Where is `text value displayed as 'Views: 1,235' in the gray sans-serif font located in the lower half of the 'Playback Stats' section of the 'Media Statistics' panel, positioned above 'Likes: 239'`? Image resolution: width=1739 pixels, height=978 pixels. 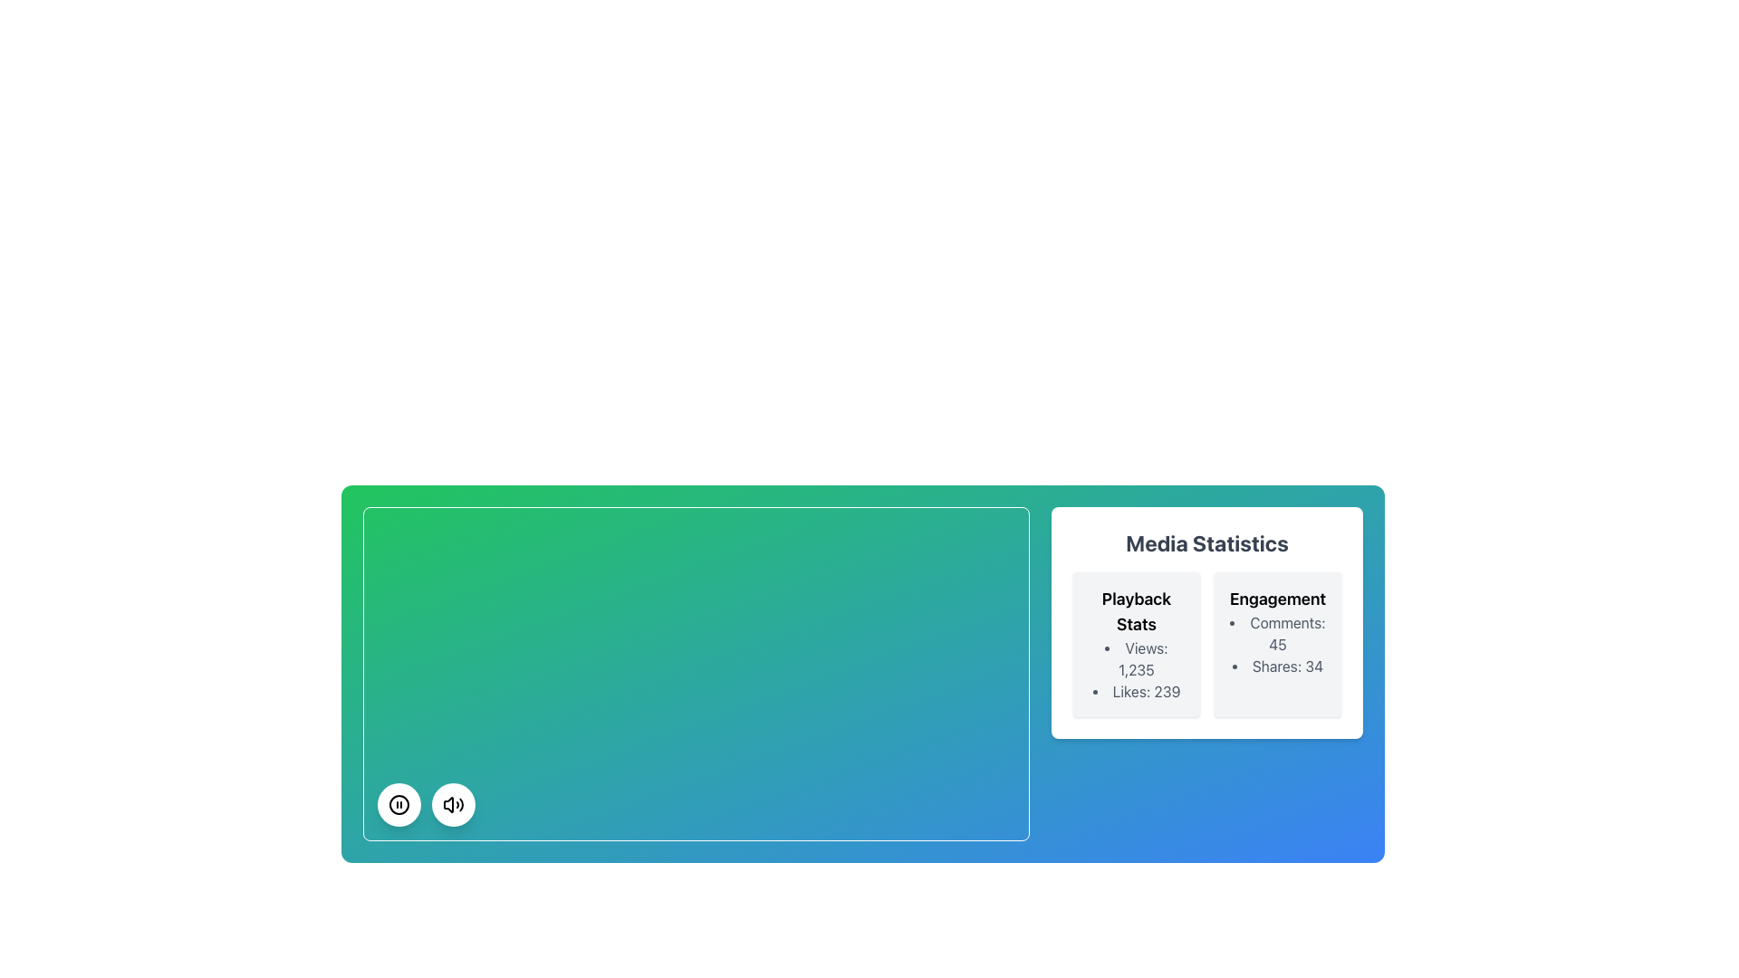
text value displayed as 'Views: 1,235' in the gray sans-serif font located in the lower half of the 'Playback Stats' section of the 'Media Statistics' panel, positioned above 'Likes: 239' is located at coordinates (1135, 659).